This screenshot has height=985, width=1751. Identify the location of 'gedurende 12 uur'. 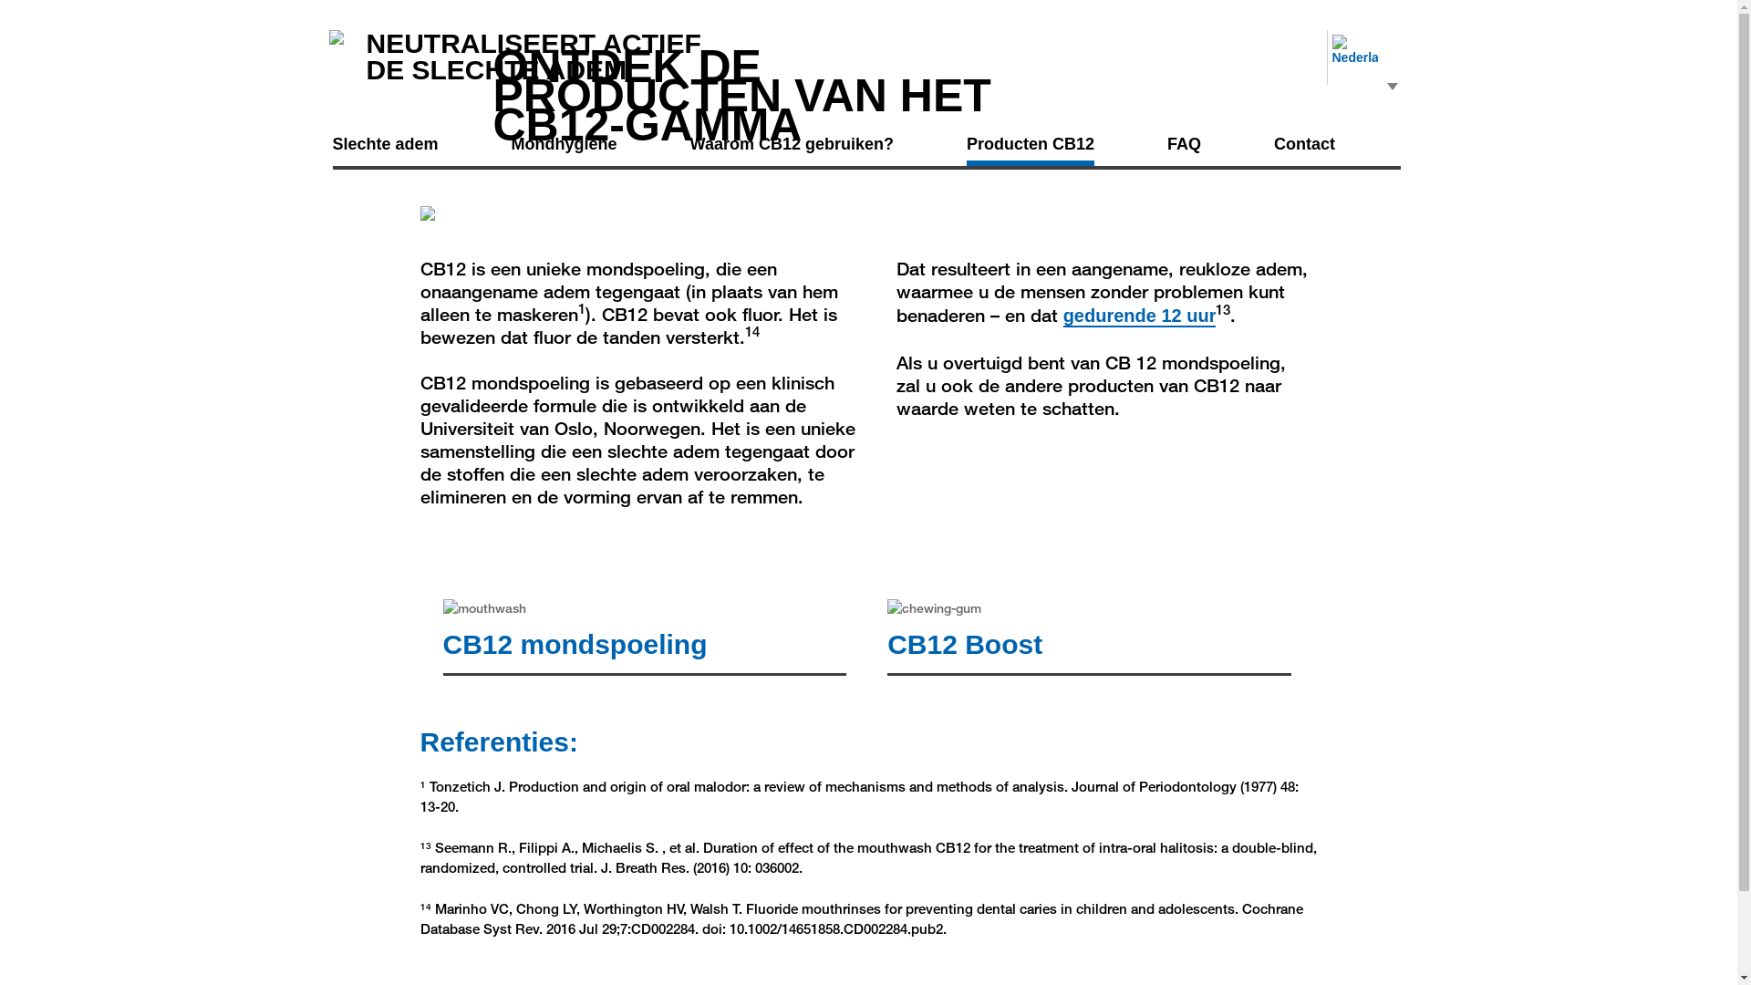
(1138, 316).